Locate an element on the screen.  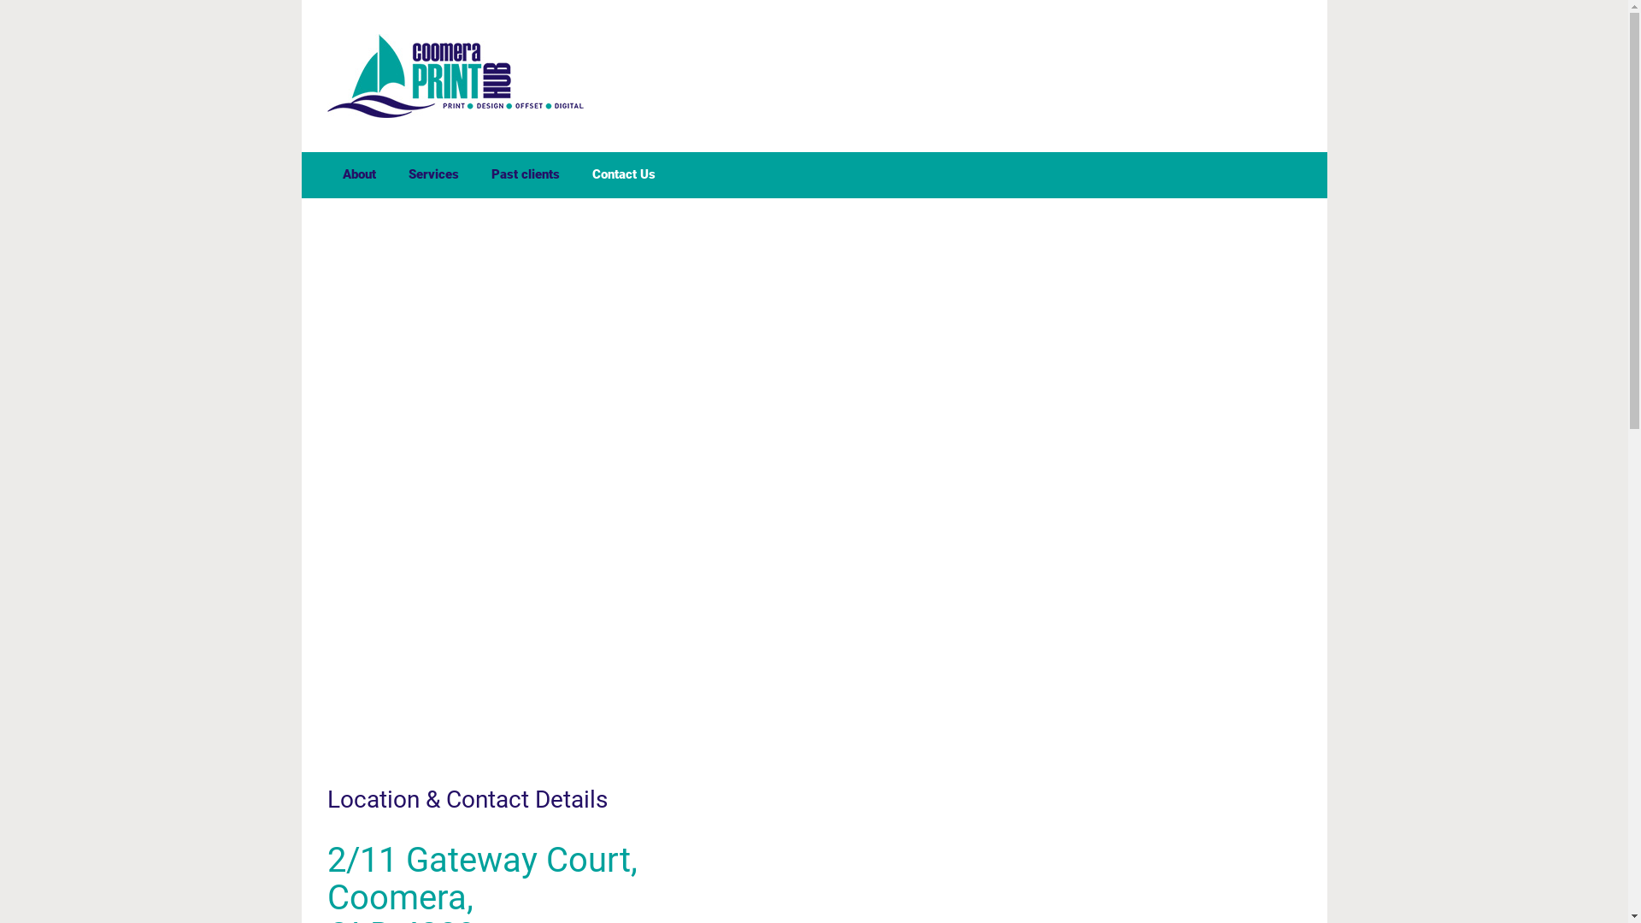
'Contact Us' is located at coordinates (622, 174).